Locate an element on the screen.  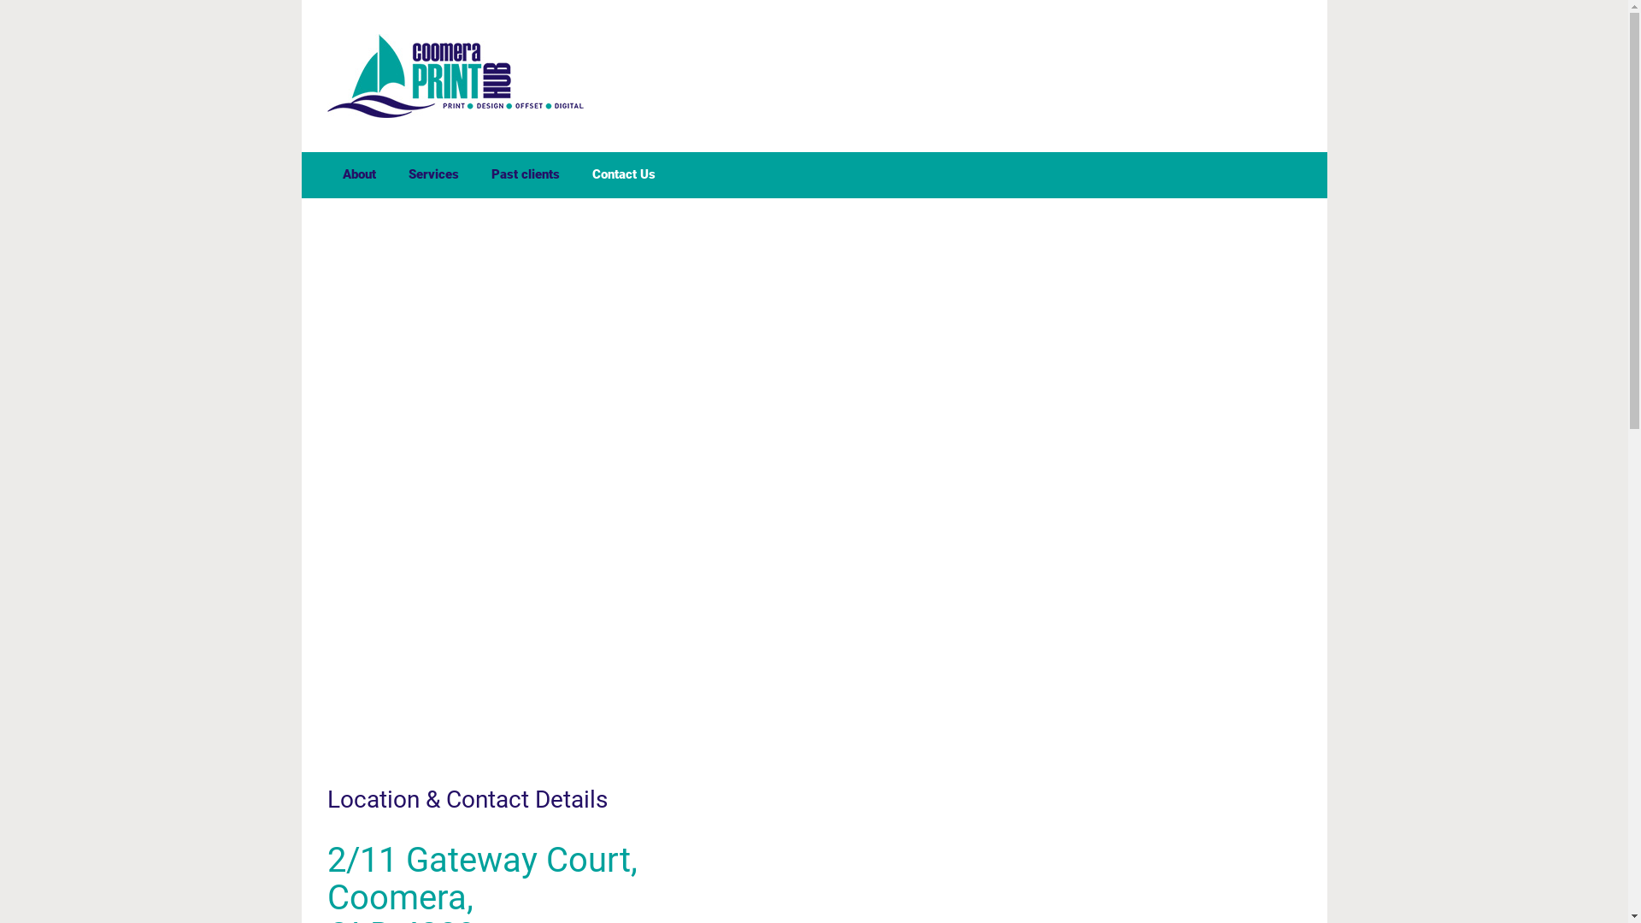
'Contact Us' is located at coordinates (622, 174).